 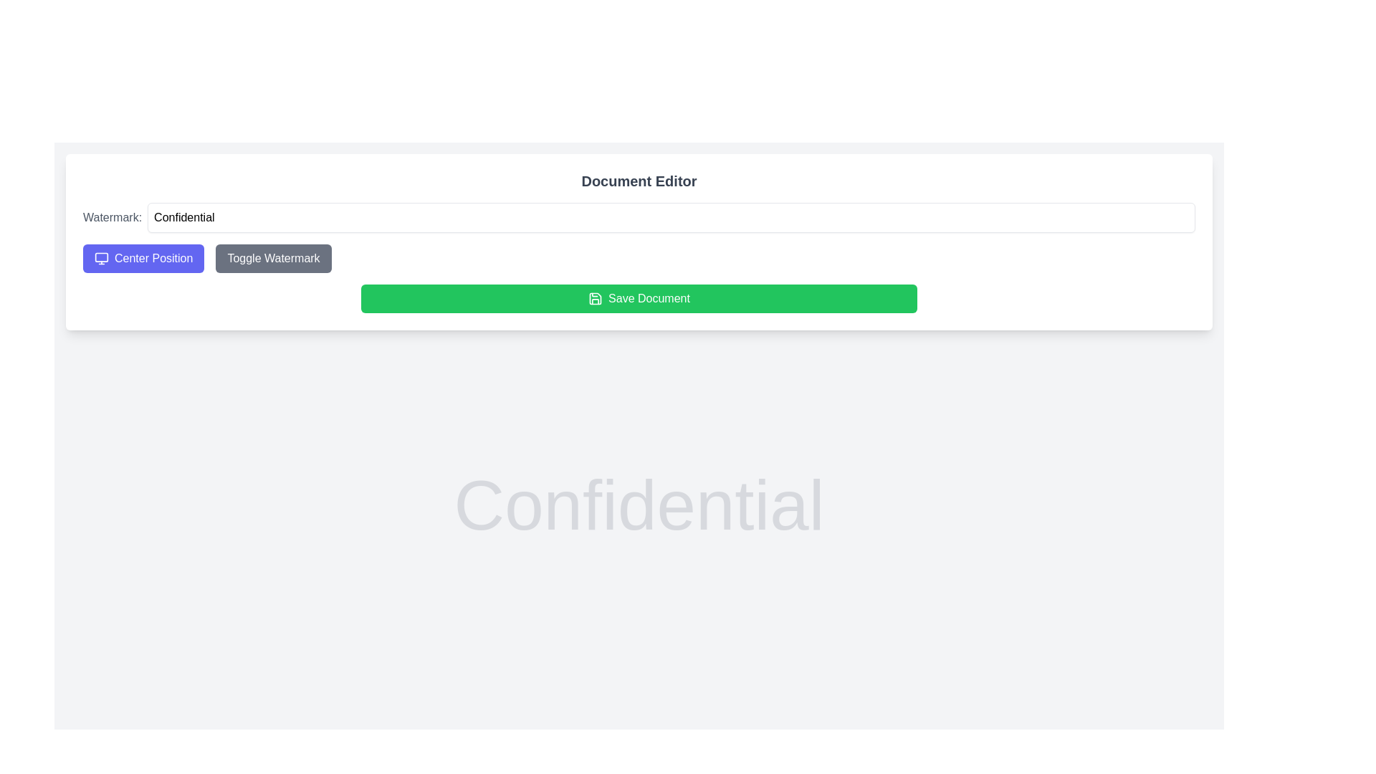 I want to click on the static text label that indicates the purpose of the adjacent input field labeled 'Confidential', located in the top-left corner of the interface, so click(x=112, y=218).